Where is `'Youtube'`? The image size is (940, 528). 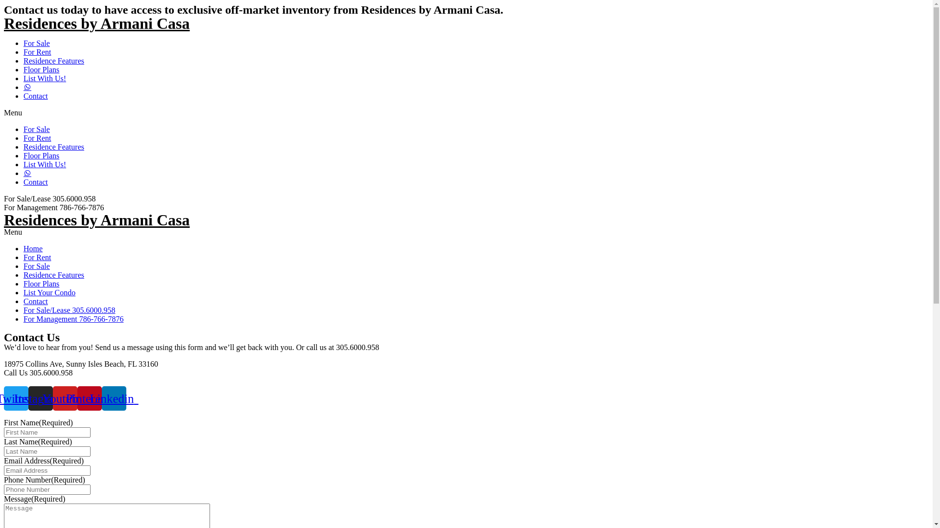
'Youtube' is located at coordinates (65, 398).